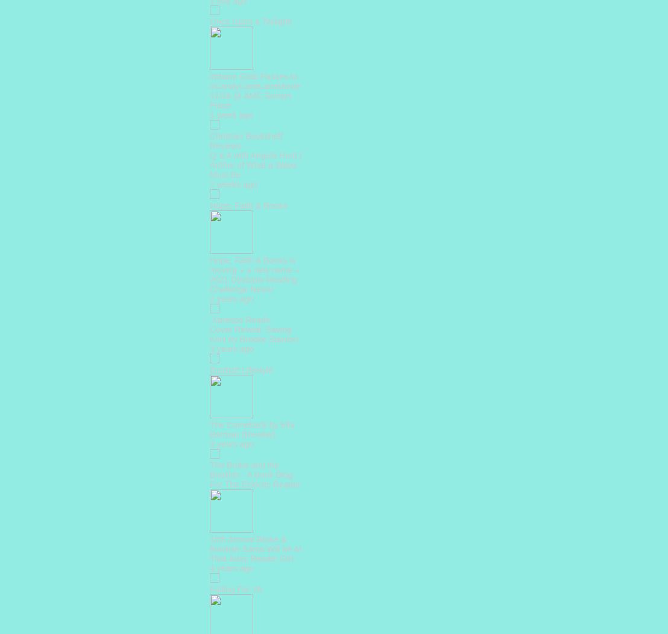  I want to click on '2 weeks ago', so click(233, 183).